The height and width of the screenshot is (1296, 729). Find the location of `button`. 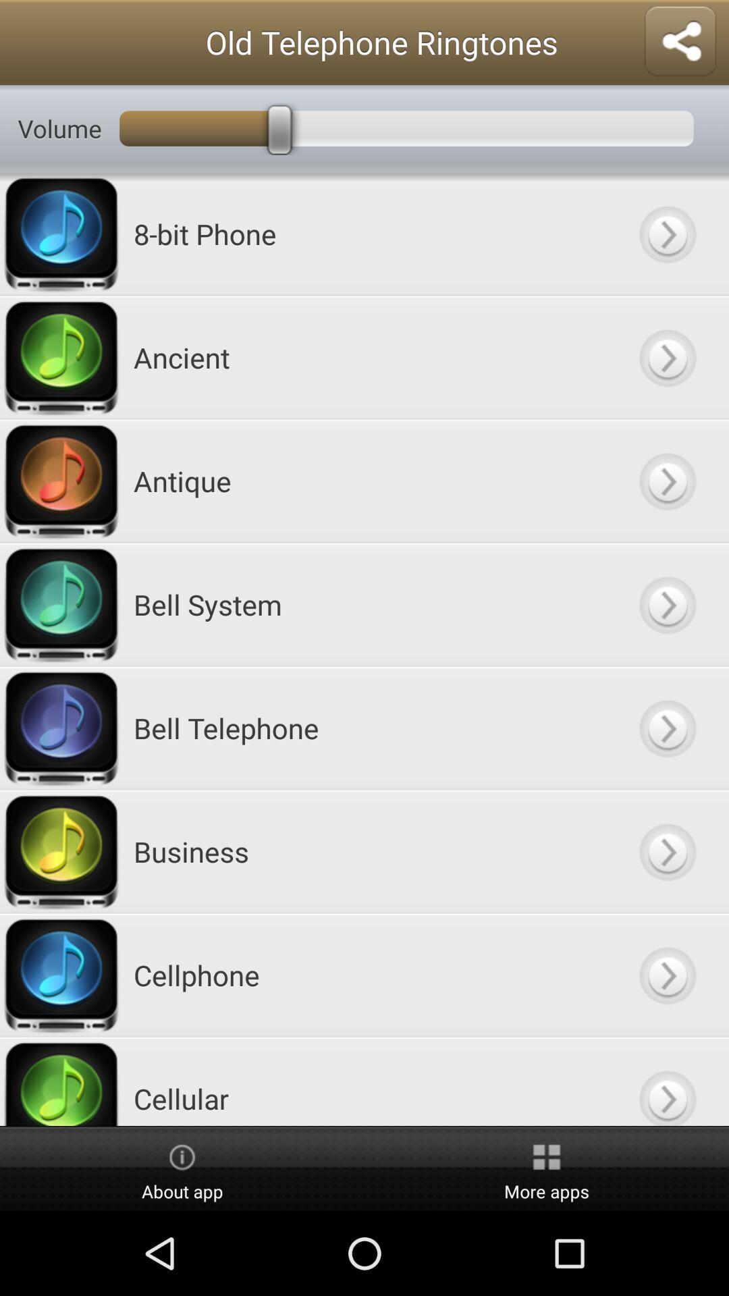

button is located at coordinates (666, 727).